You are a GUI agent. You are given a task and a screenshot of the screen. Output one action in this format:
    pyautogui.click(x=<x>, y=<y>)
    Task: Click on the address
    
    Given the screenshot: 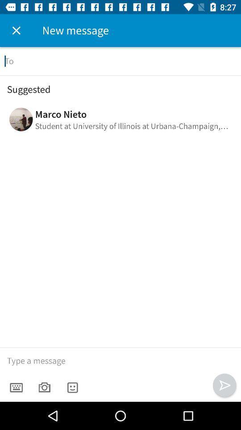 What is the action you would take?
    pyautogui.click(x=120, y=60)
    